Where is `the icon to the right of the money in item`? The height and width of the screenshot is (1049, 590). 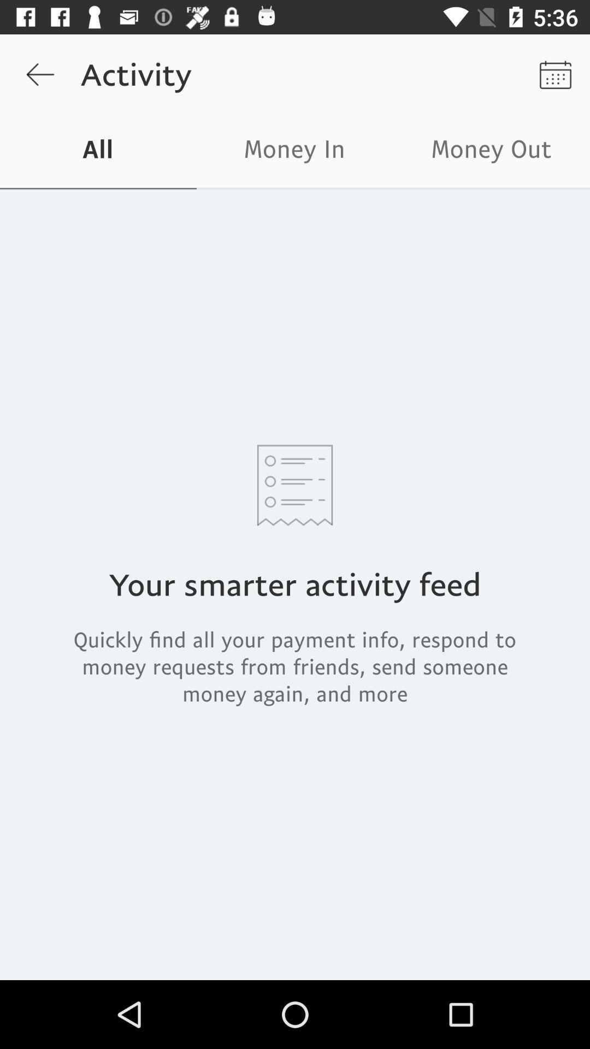
the icon to the right of the money in item is located at coordinates (491, 151).